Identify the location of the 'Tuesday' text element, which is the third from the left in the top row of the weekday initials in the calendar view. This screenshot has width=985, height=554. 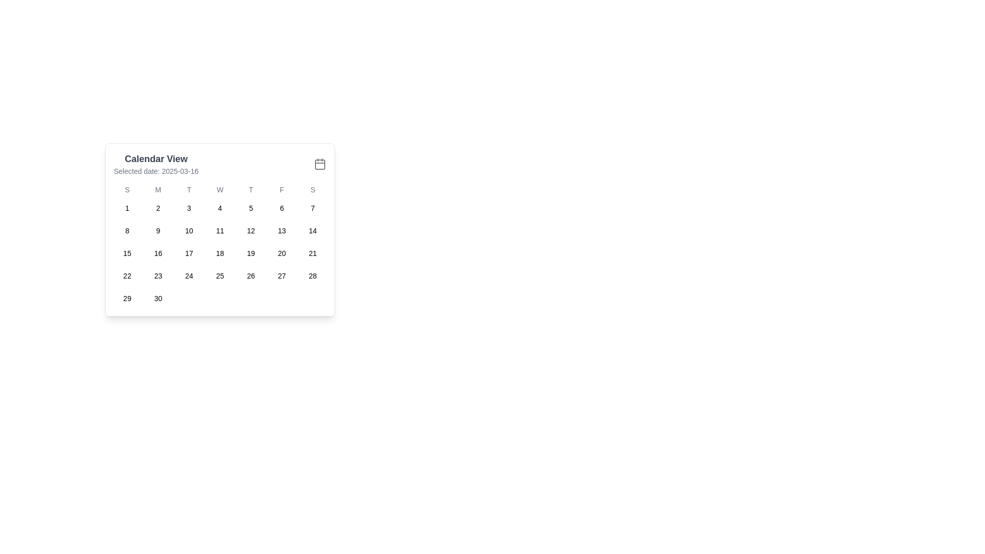
(189, 190).